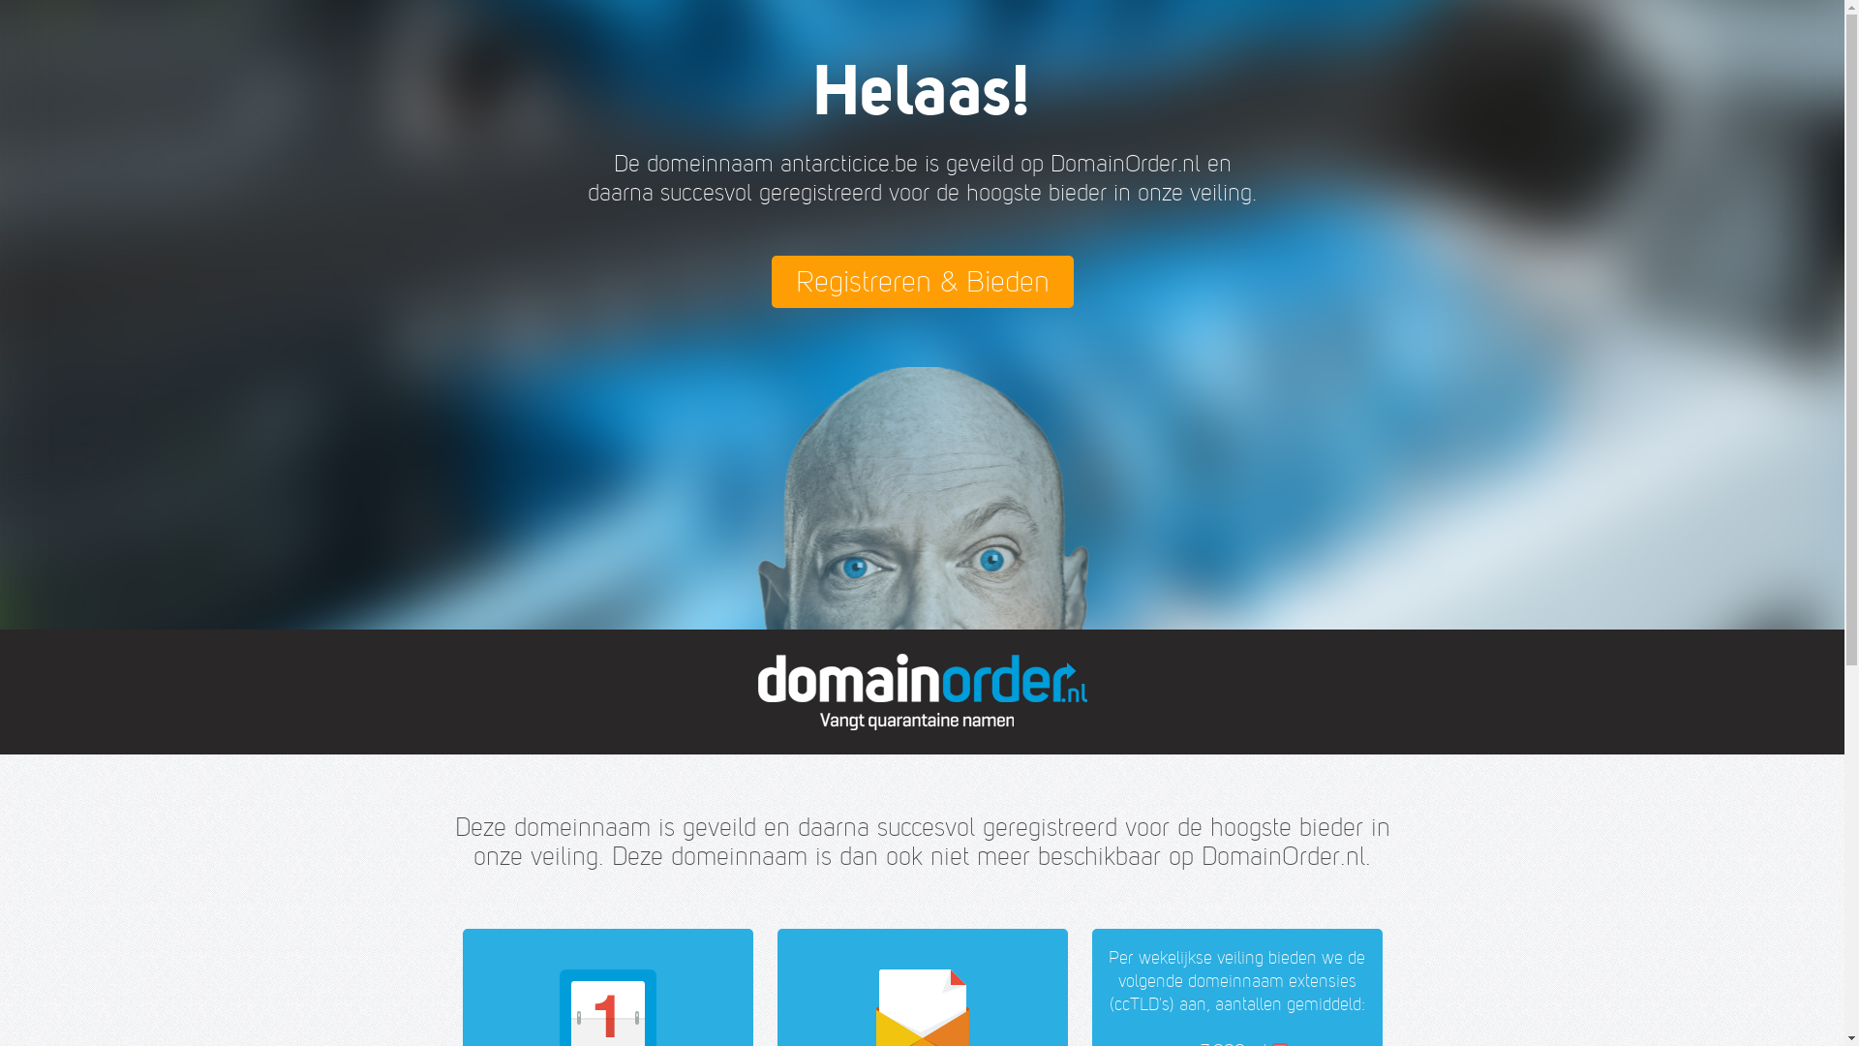 Image resolution: width=1859 pixels, height=1046 pixels. Describe the element at coordinates (920, 281) in the screenshot. I see `'Registreren & Bieden'` at that location.